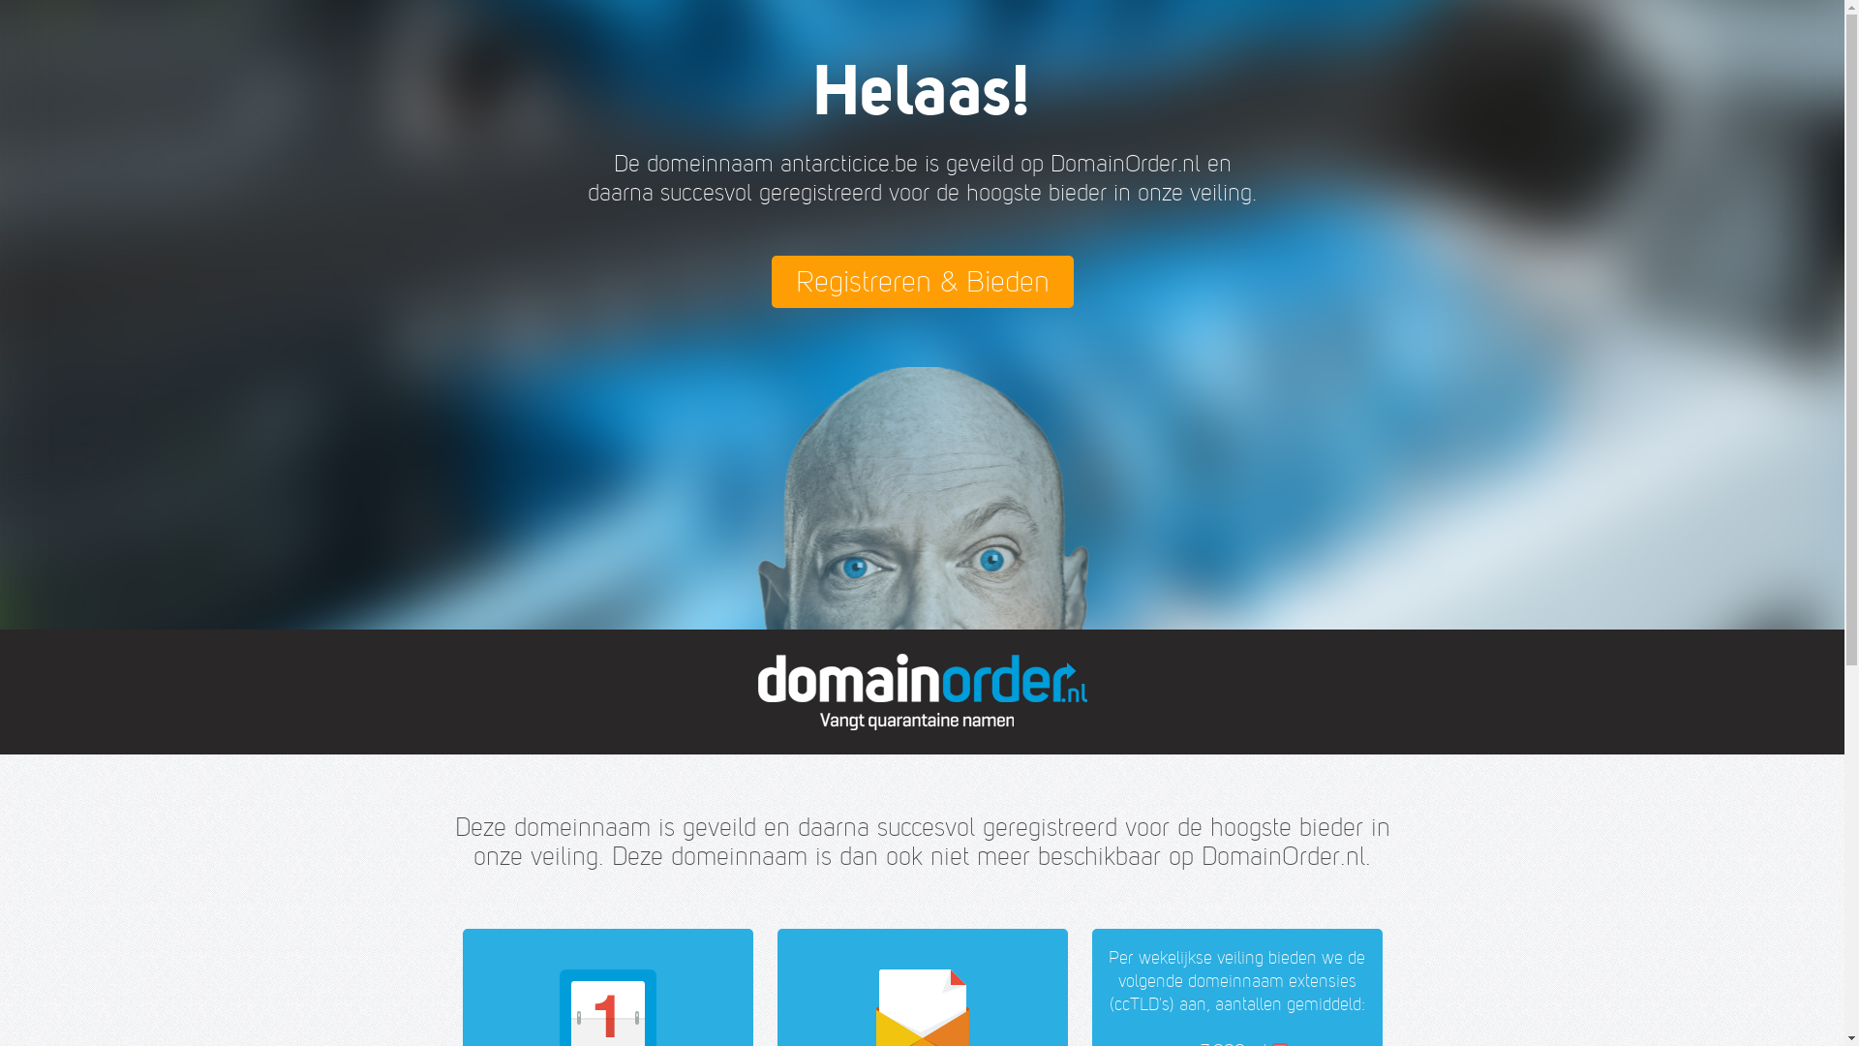 Image resolution: width=1859 pixels, height=1046 pixels. Describe the element at coordinates (920, 281) in the screenshot. I see `'Registreren & Bieden'` at that location.